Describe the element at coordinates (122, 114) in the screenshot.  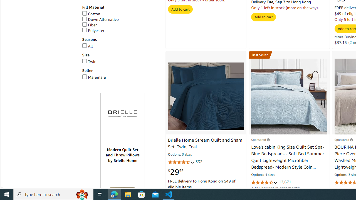
I see `'Logo'` at that location.